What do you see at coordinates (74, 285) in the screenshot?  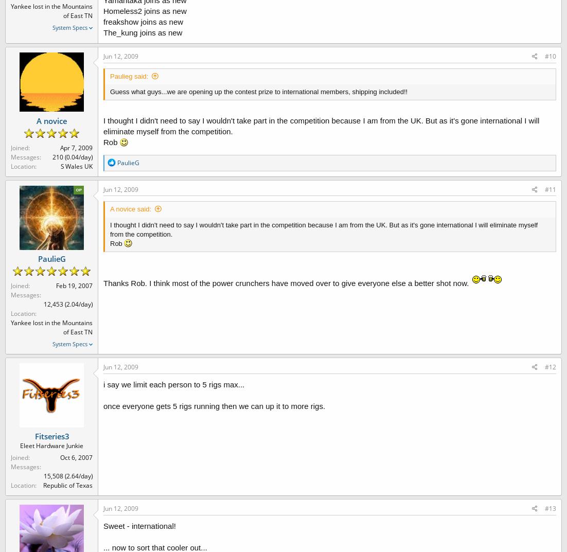 I see `'Feb 19, 2007'` at bounding box center [74, 285].